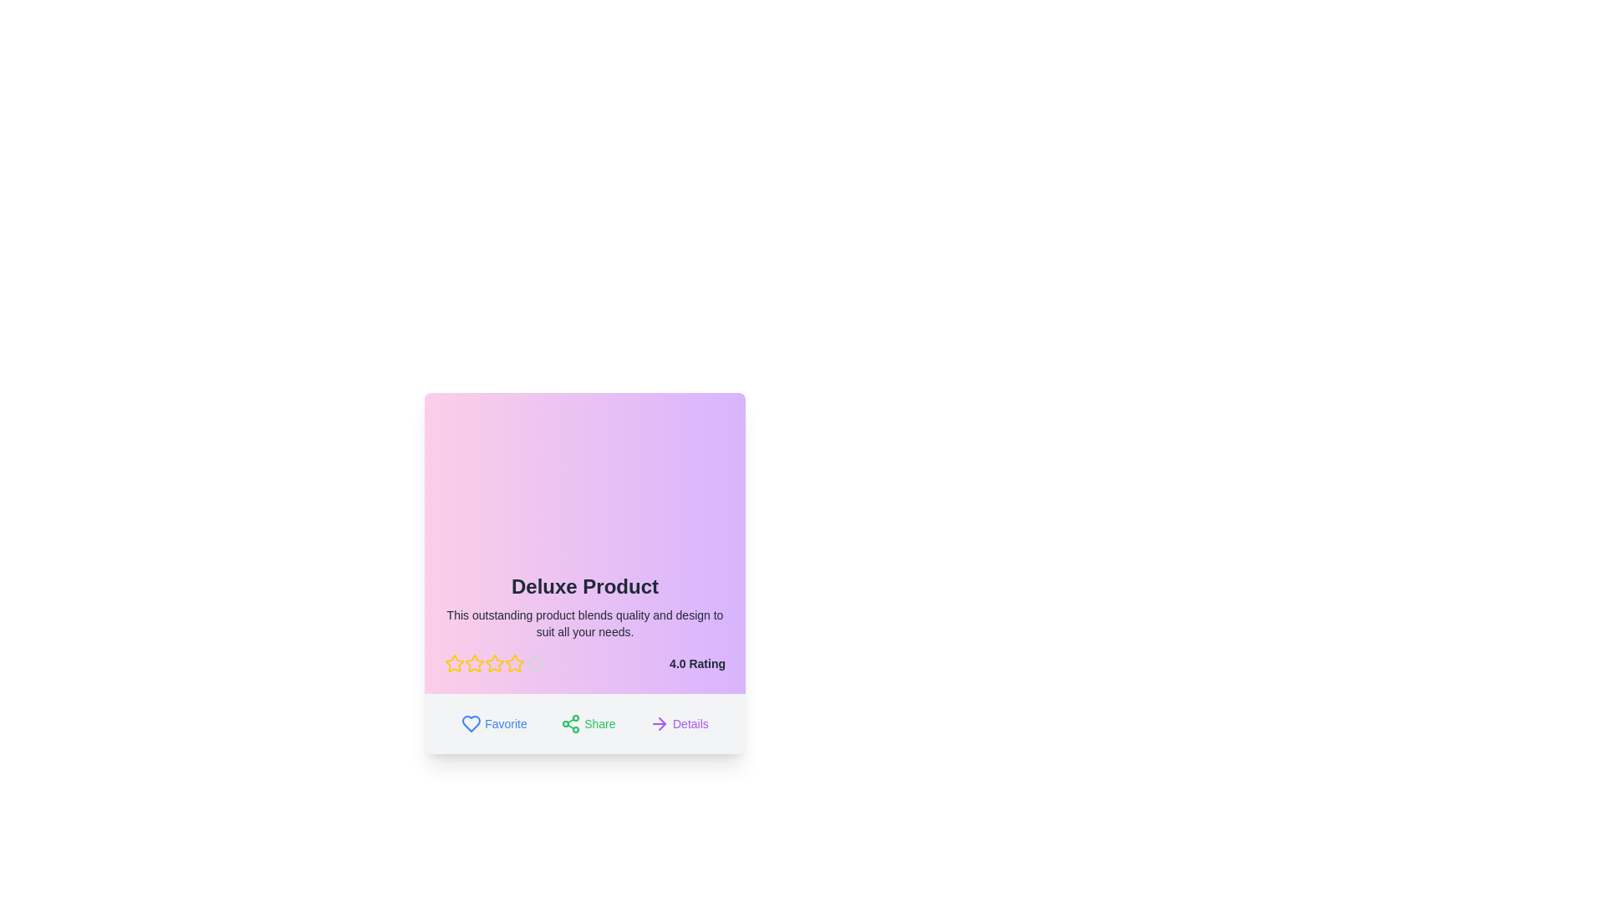 The height and width of the screenshot is (903, 1605). Describe the element at coordinates (454, 662) in the screenshot. I see `the first yellow star icon outlined in red under the title 'Deluxe Product' to rate it` at that location.